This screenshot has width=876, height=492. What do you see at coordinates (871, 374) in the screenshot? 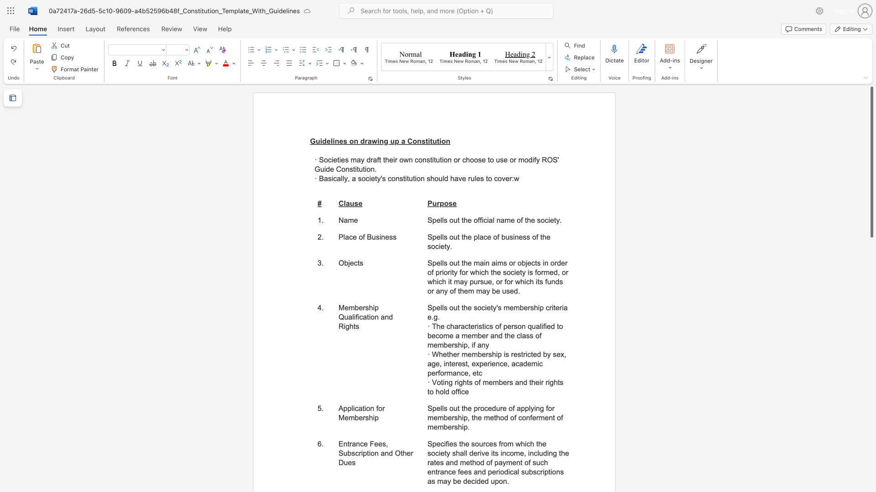
I see `the scrollbar on the right side to scroll the page down` at bounding box center [871, 374].